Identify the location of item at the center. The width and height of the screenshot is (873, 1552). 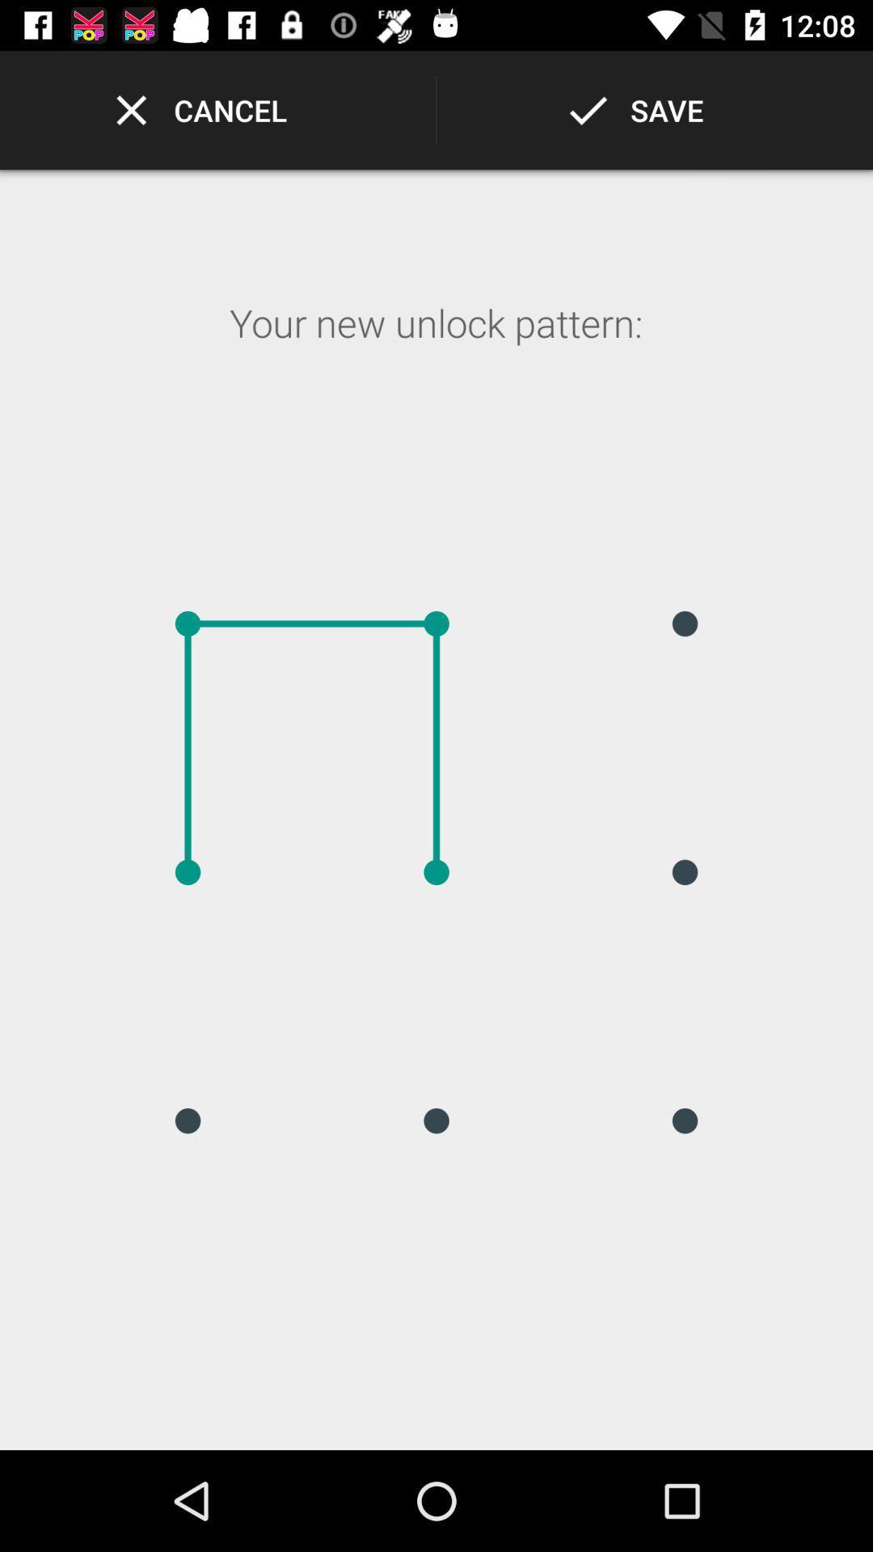
(436, 871).